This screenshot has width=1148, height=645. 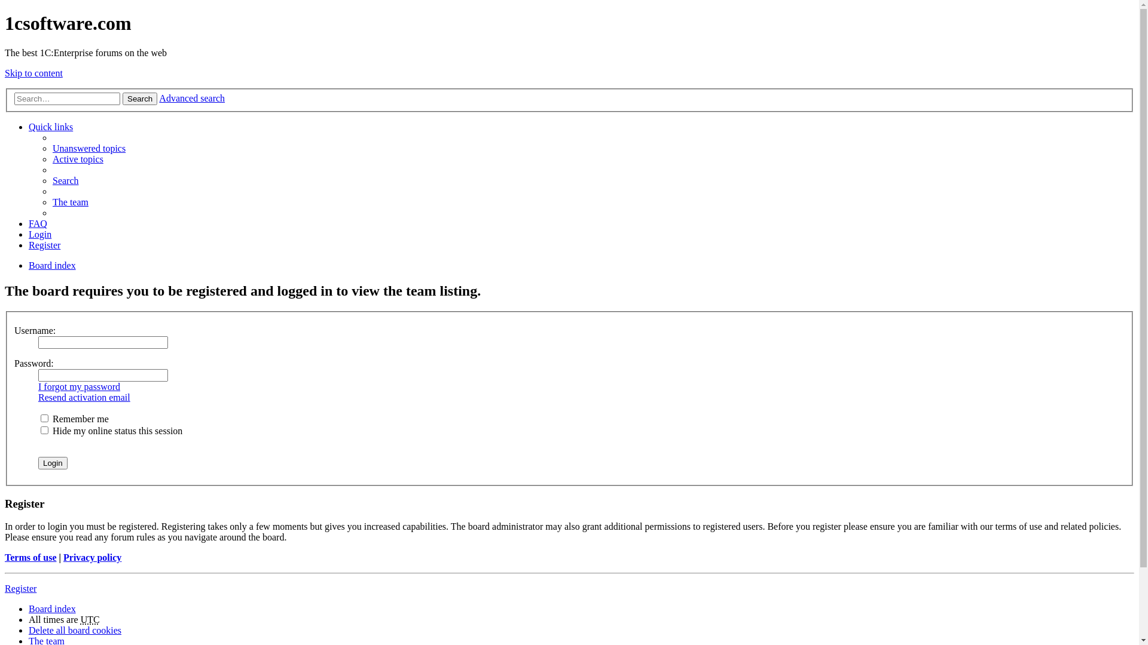 What do you see at coordinates (38, 386) in the screenshot?
I see `'I forgot my password'` at bounding box center [38, 386].